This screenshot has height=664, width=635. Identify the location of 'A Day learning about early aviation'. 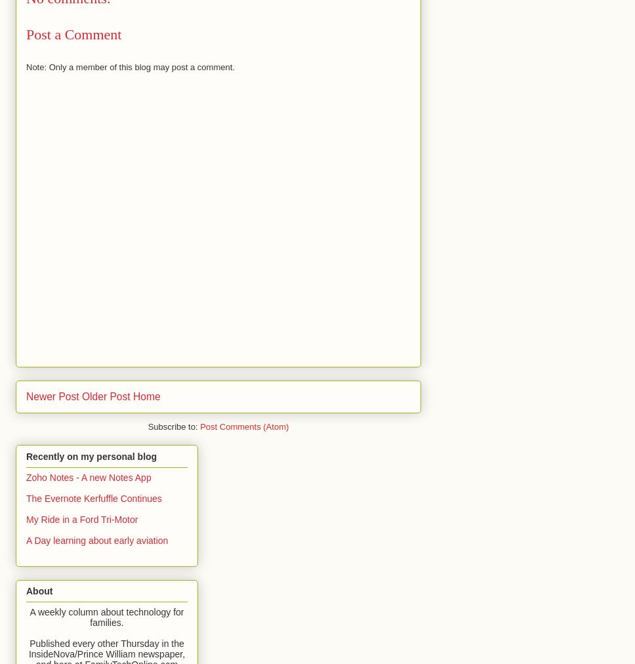
(96, 539).